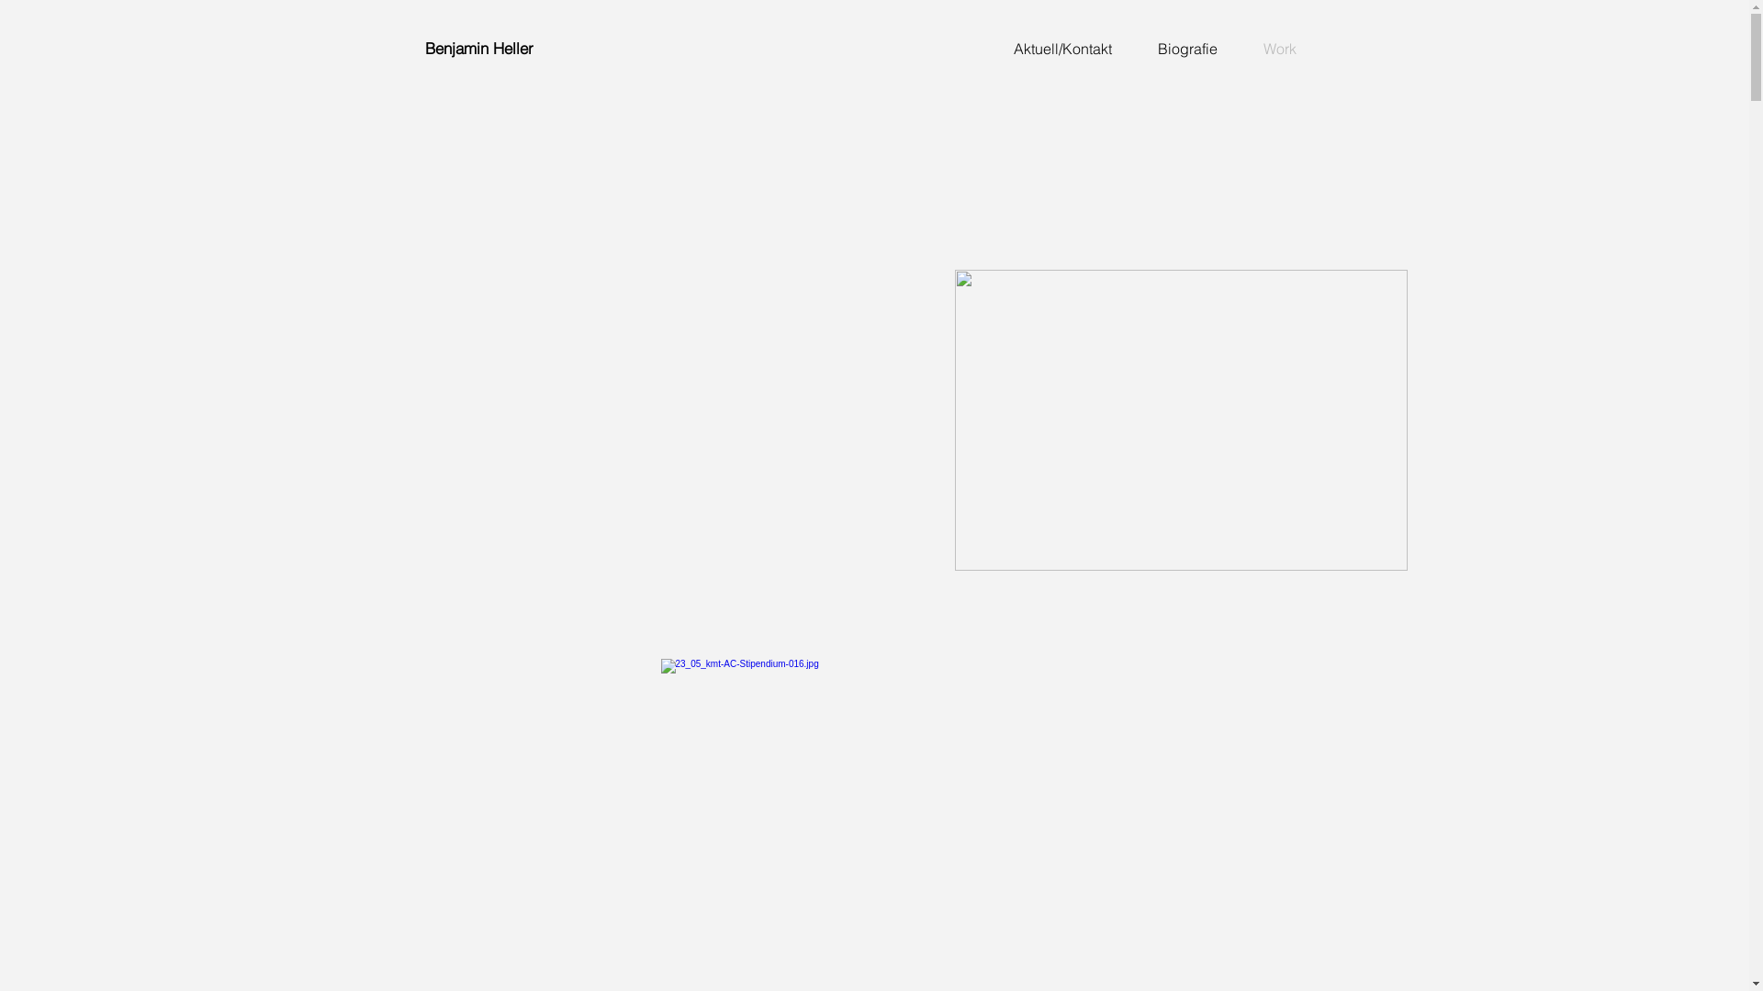 This screenshot has height=991, width=1763. I want to click on 'Tankstelle_Prod_1_025.jpg', so click(1181, 420).